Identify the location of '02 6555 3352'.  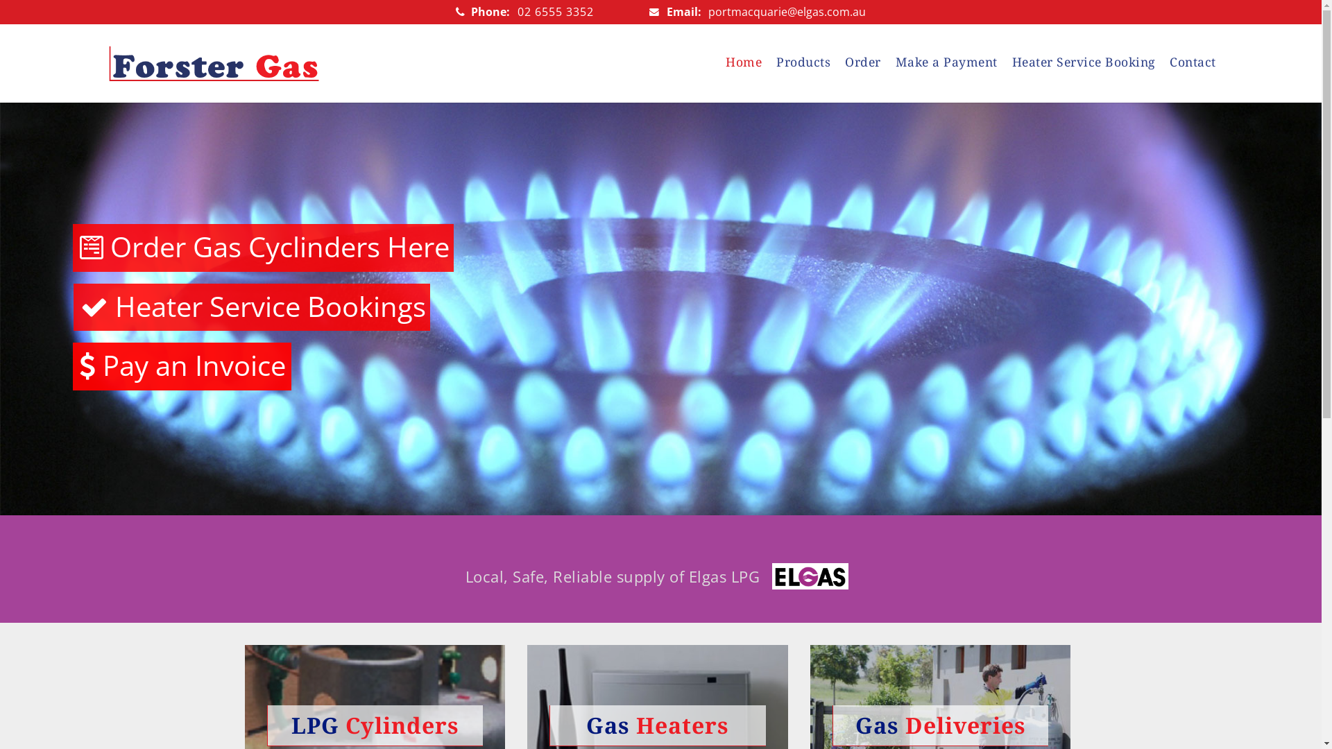
(556, 11).